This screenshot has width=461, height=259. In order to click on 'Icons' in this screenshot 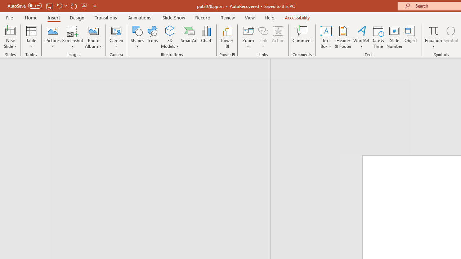, I will do `click(152, 37)`.